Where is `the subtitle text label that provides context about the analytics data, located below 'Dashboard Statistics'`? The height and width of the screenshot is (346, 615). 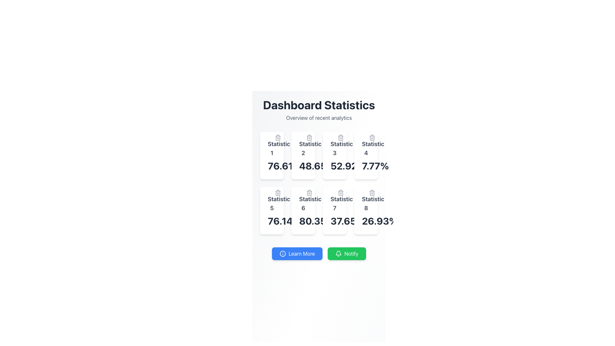 the subtitle text label that provides context about the analytics data, located below 'Dashboard Statistics' is located at coordinates (319, 118).